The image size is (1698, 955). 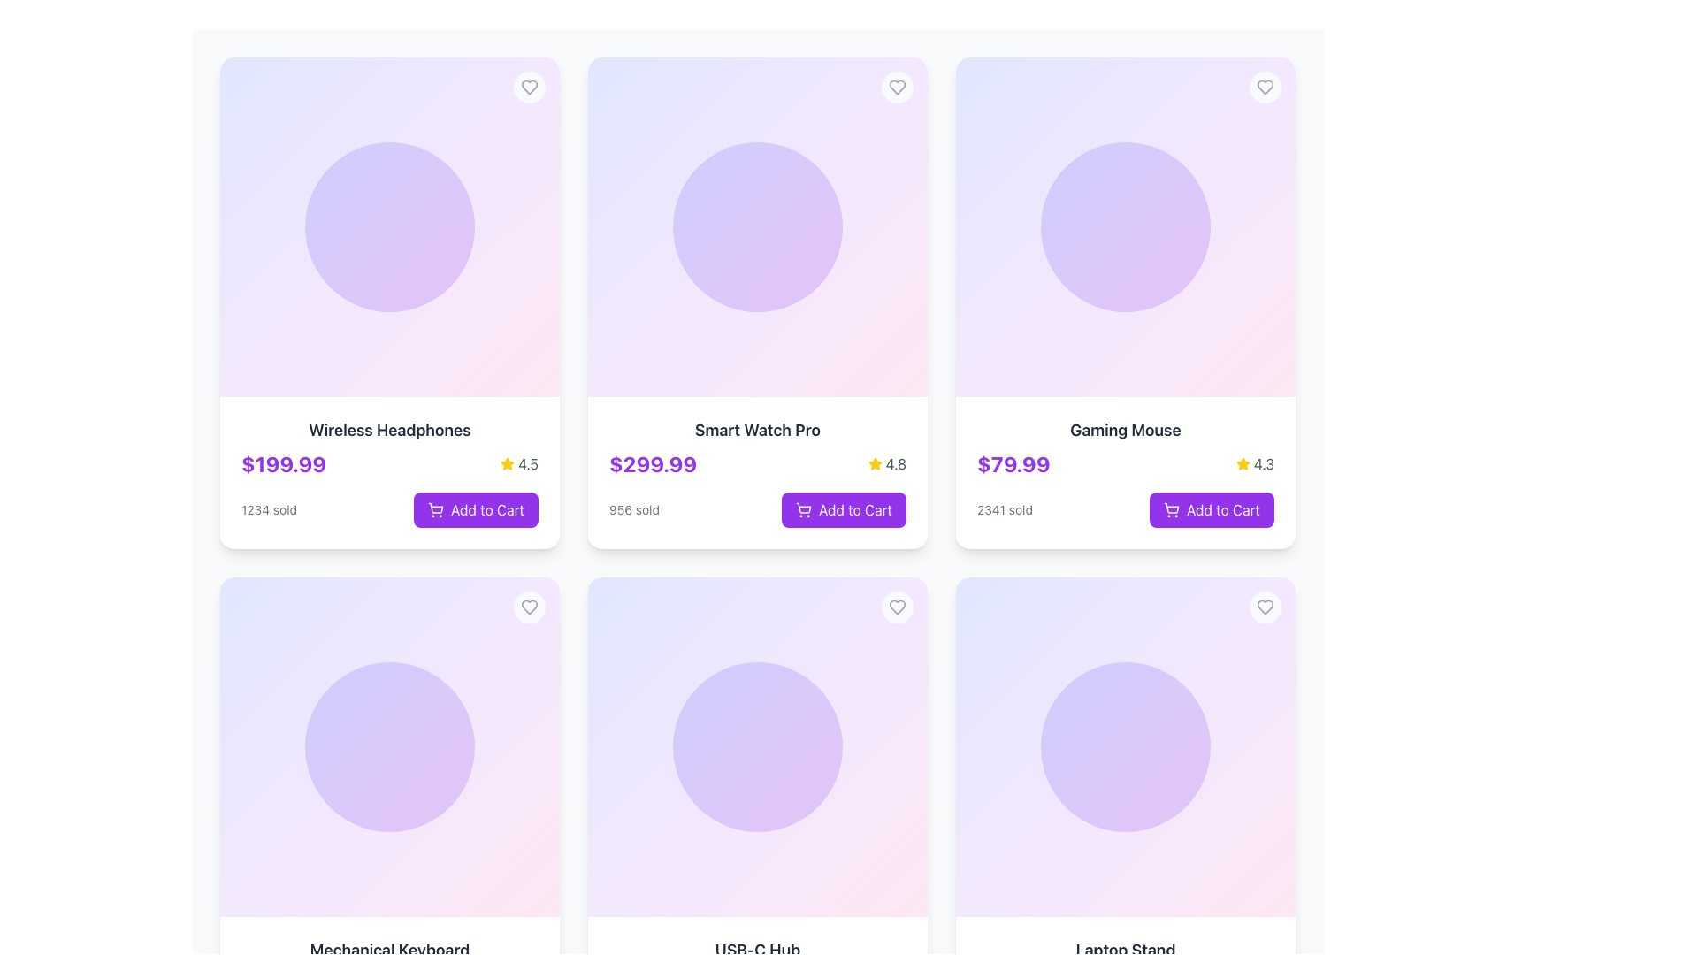 I want to click on the text label displaying the rating '4.8' located in the top-right corner of the product card for 'Smart Watch Pro', adjacent to the yellow star icon, so click(x=887, y=462).